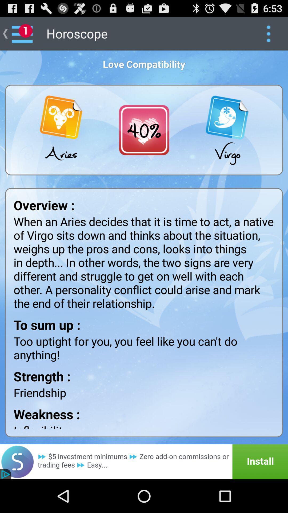 This screenshot has width=288, height=513. I want to click on install app, so click(144, 461).